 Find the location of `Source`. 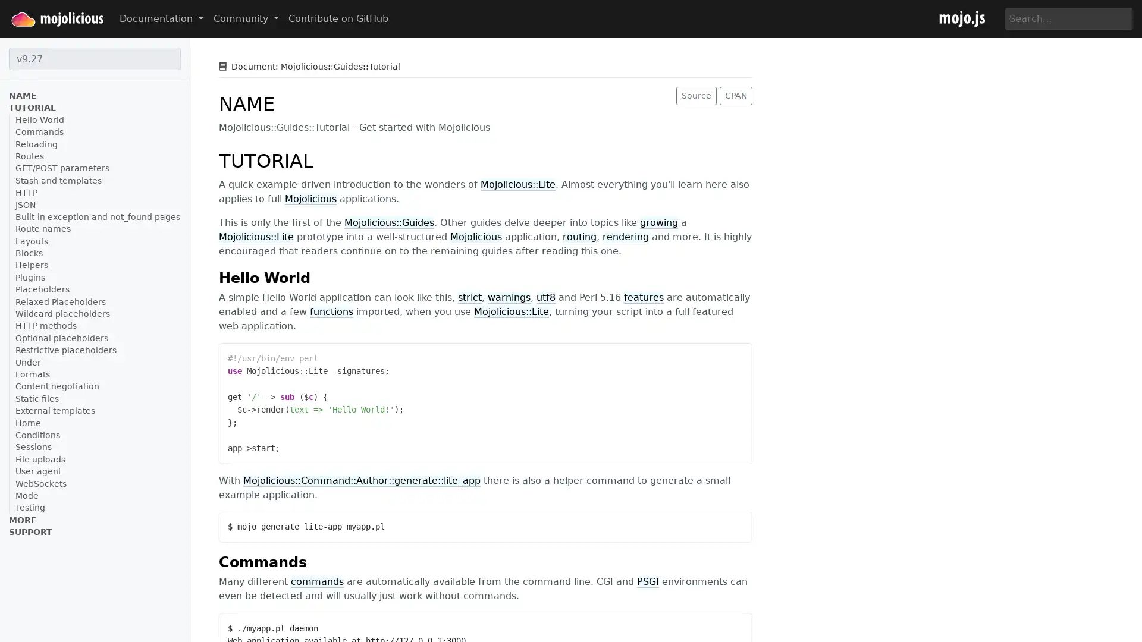

Source is located at coordinates (697, 95).